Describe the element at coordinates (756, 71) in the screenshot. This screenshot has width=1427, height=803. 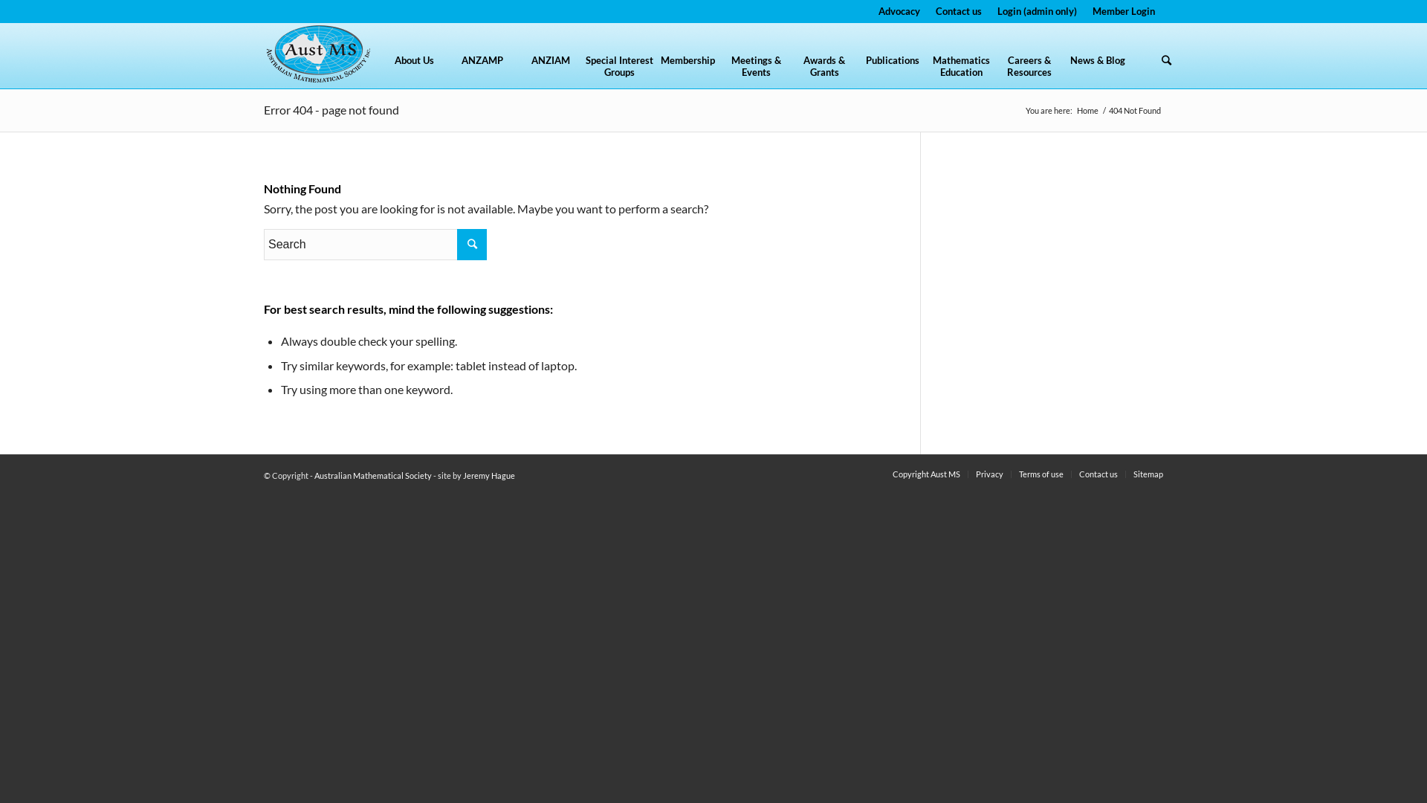
I see `'Meetings & Events'` at that location.